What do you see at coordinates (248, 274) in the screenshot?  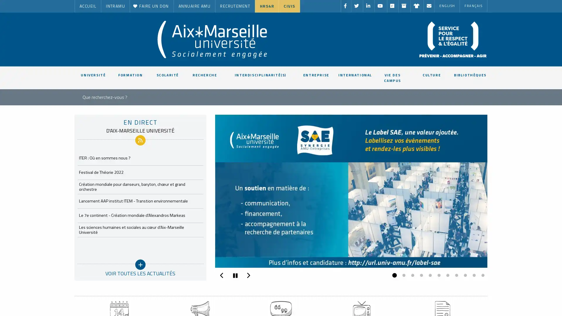 I see `Next` at bounding box center [248, 274].